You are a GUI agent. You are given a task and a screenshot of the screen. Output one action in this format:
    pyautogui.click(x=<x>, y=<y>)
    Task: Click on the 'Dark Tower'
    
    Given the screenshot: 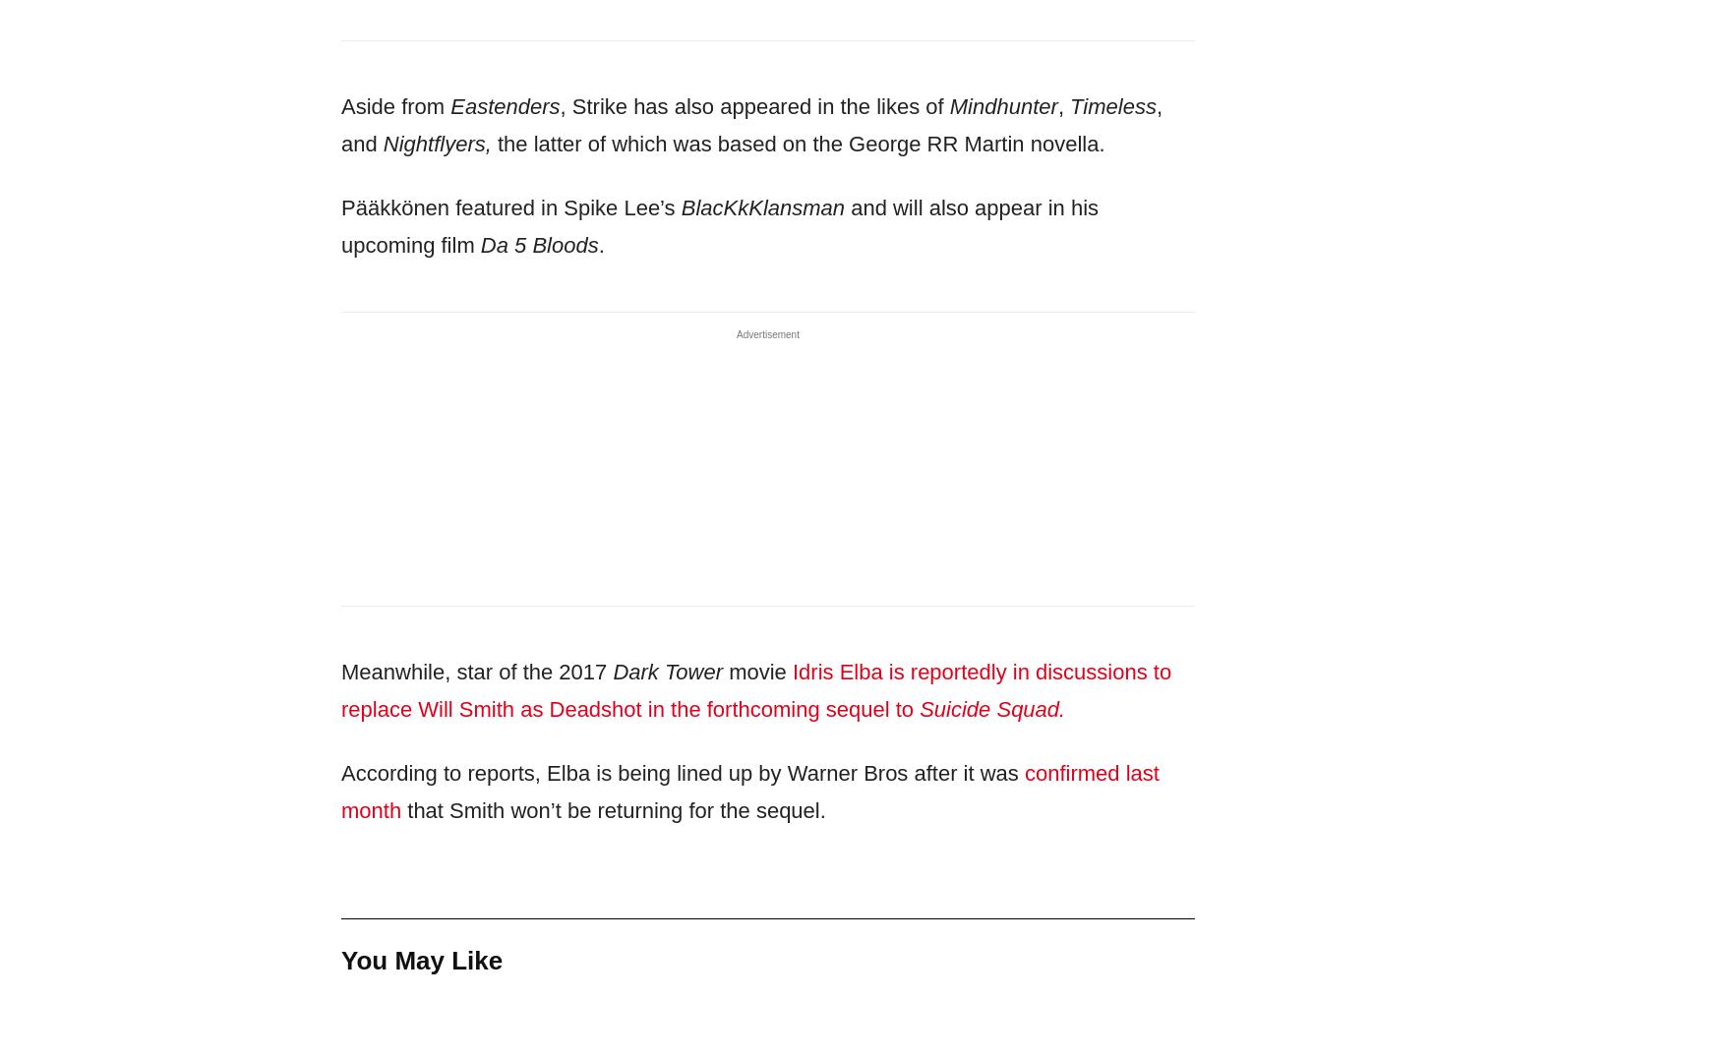 What is the action you would take?
    pyautogui.click(x=667, y=672)
    